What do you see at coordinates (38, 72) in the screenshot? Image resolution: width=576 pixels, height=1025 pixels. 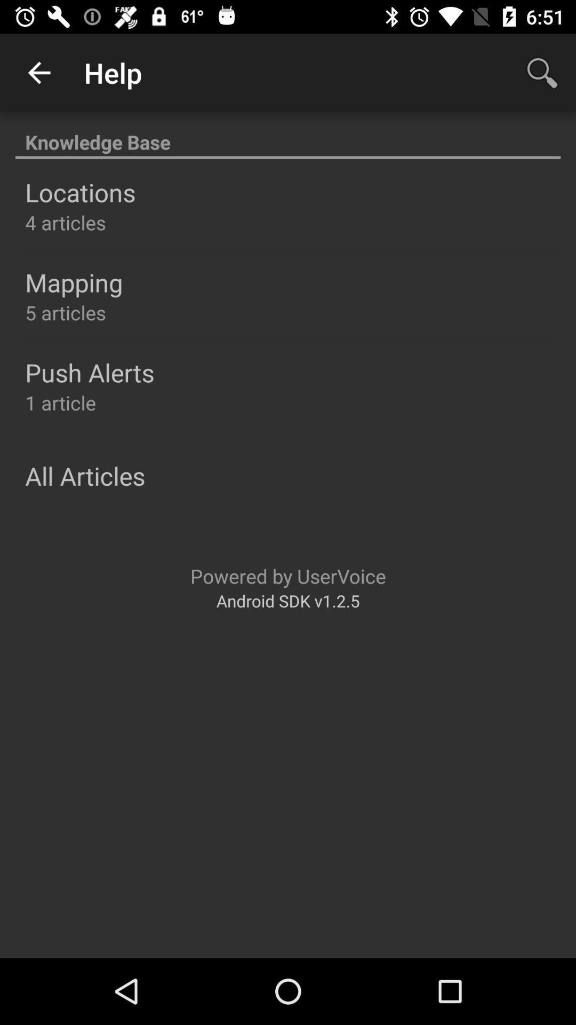 I see `the app to the left of help app` at bounding box center [38, 72].